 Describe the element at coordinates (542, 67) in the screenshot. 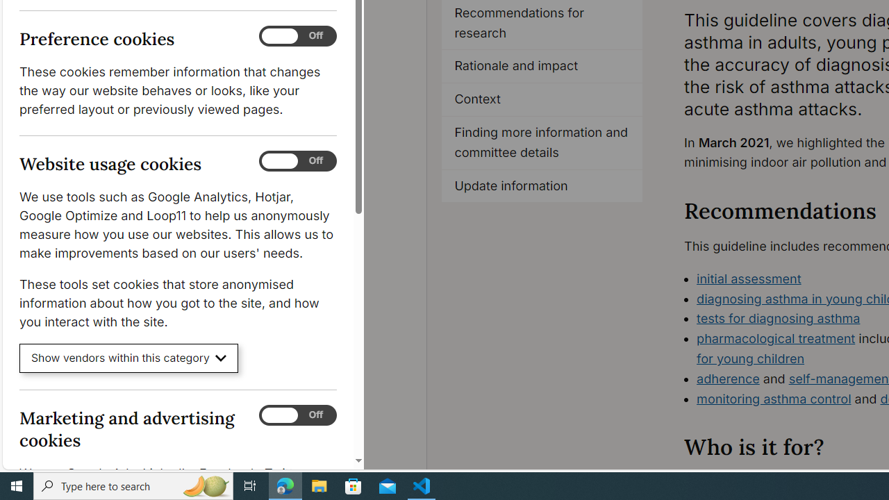

I see `'Rationale and impact'` at that location.